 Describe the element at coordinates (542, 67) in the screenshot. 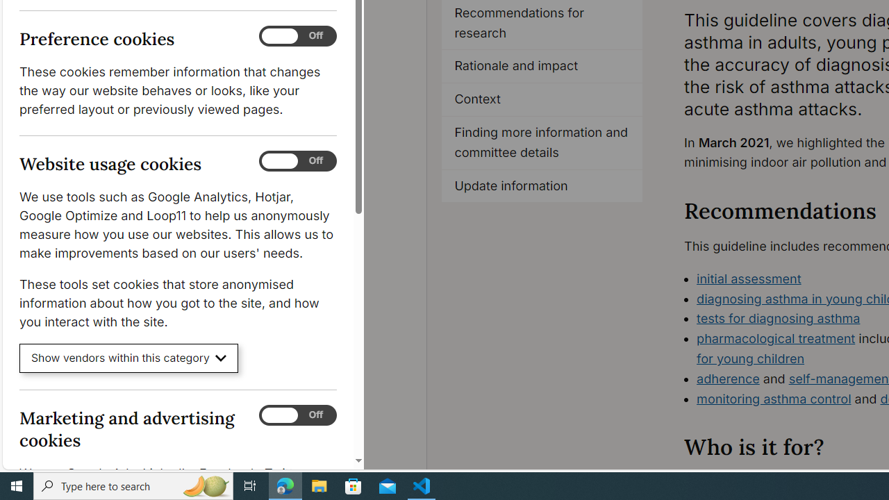

I see `'Rationale and impact'` at that location.